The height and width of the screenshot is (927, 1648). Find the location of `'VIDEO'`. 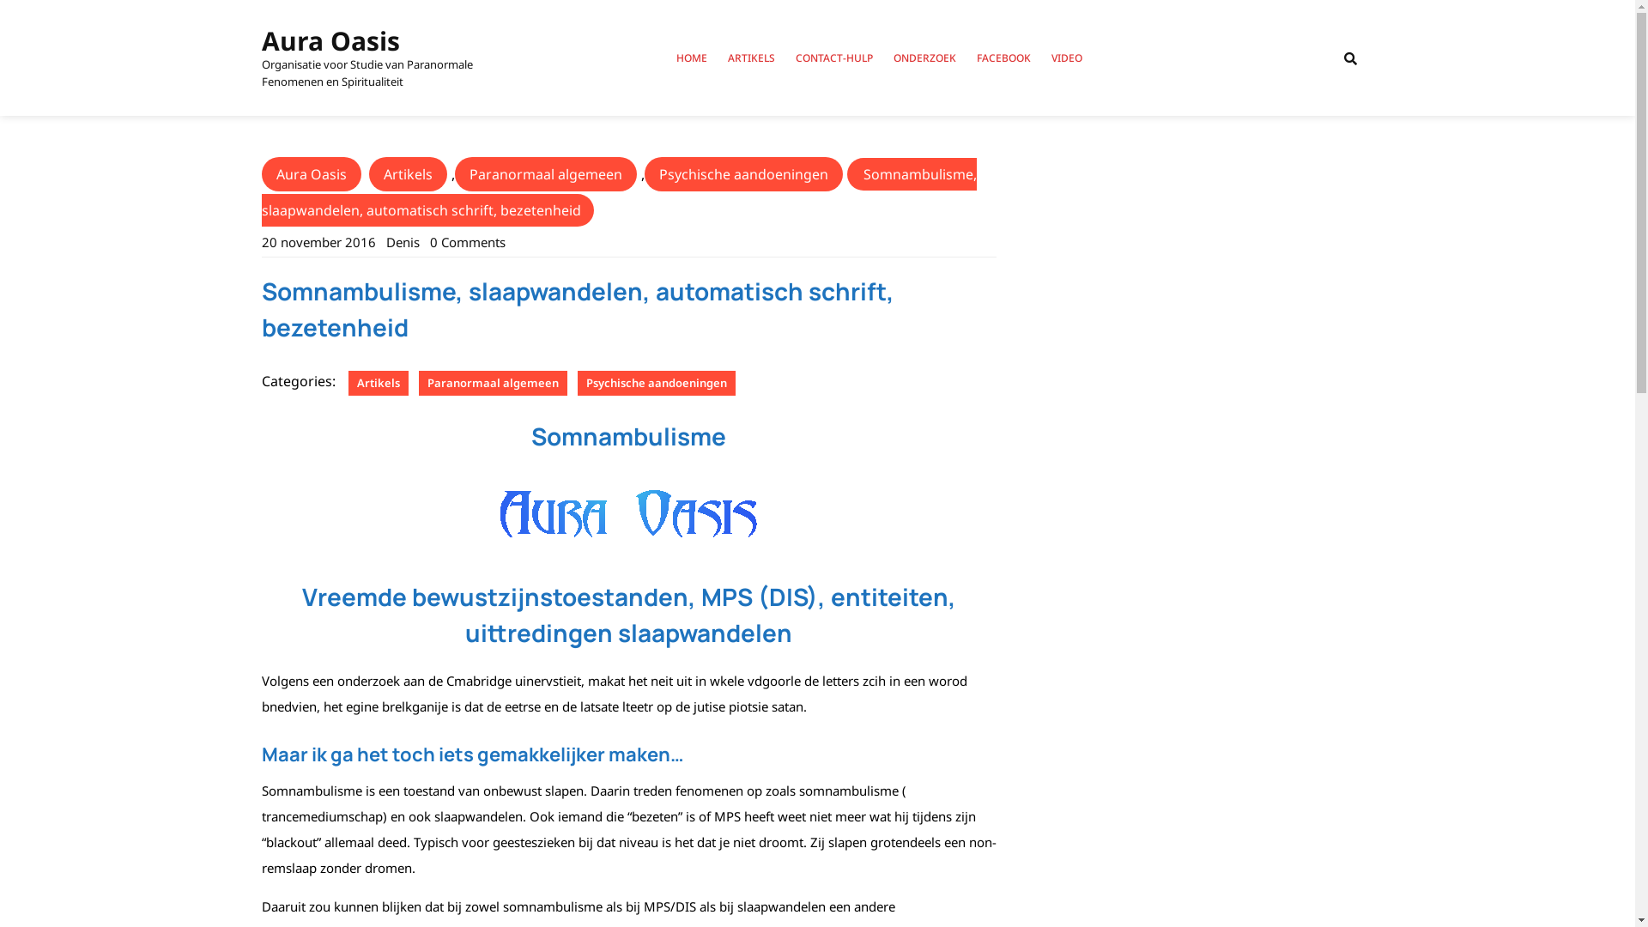

'VIDEO' is located at coordinates (1041, 58).